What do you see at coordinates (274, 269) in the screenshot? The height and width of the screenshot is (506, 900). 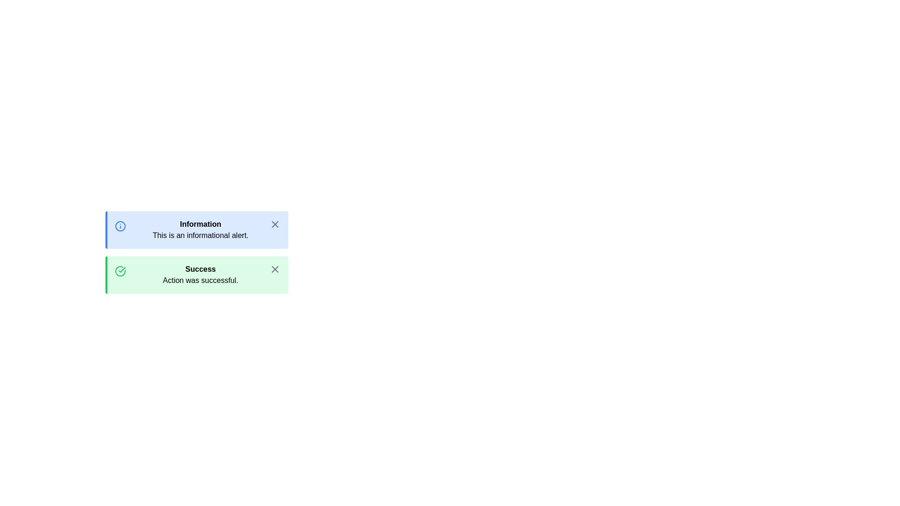 I see `the 'X' icon in the top-right corner of the success notification` at bounding box center [274, 269].